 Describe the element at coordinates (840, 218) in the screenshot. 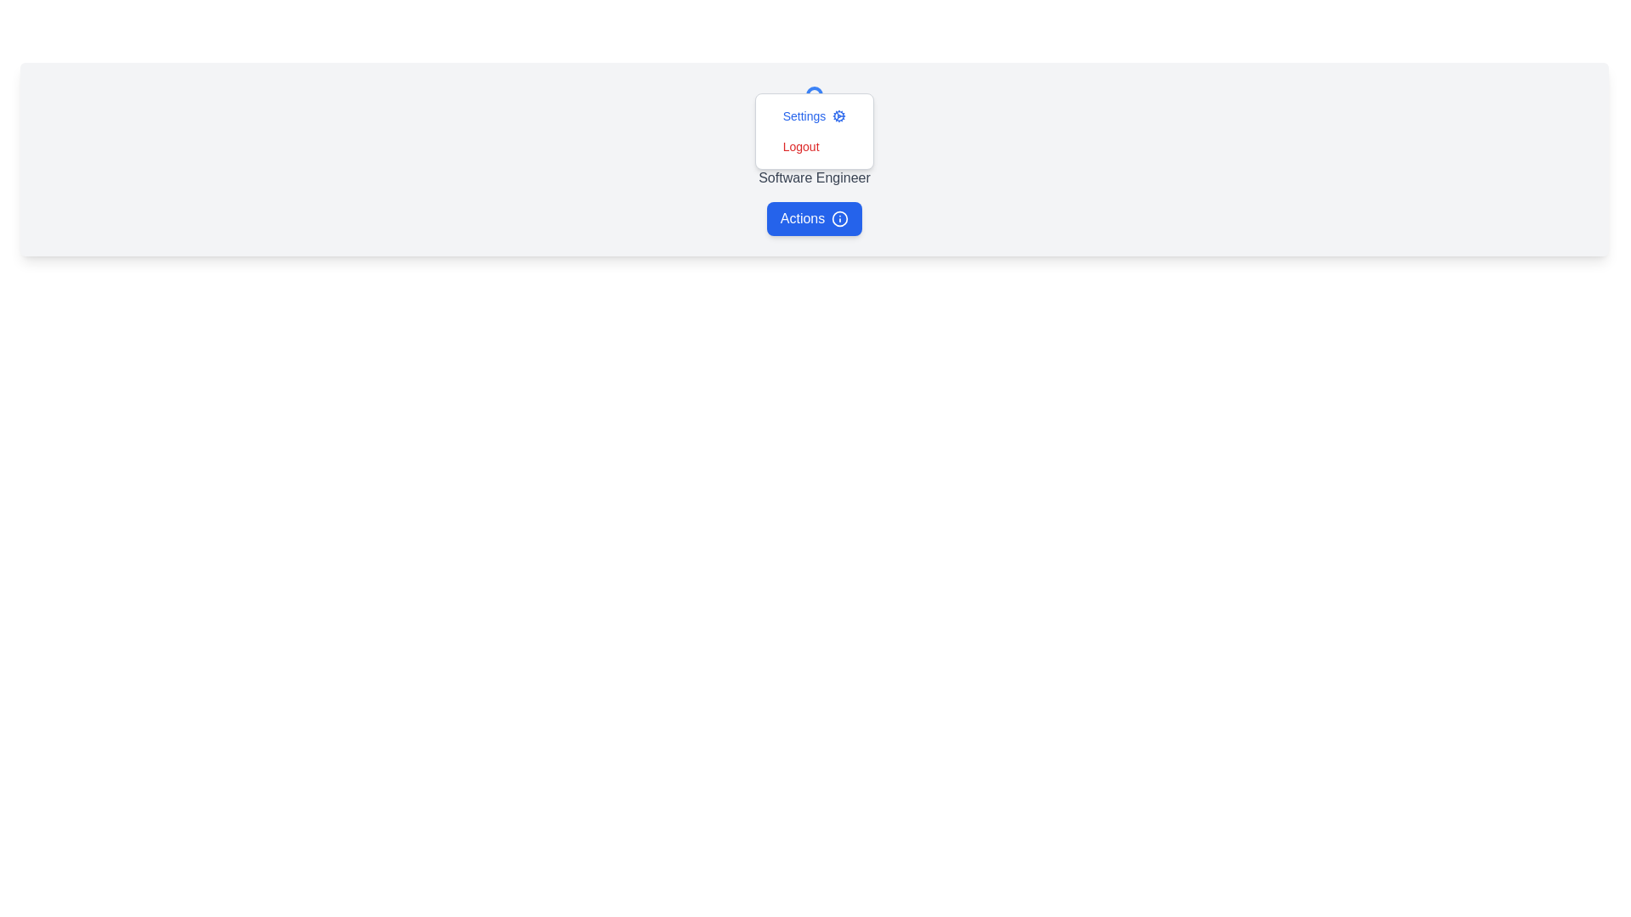

I see `the circular icon element located at the right edge of the 'Actions' button, which is part of a compact component with several elements grouped together` at that location.